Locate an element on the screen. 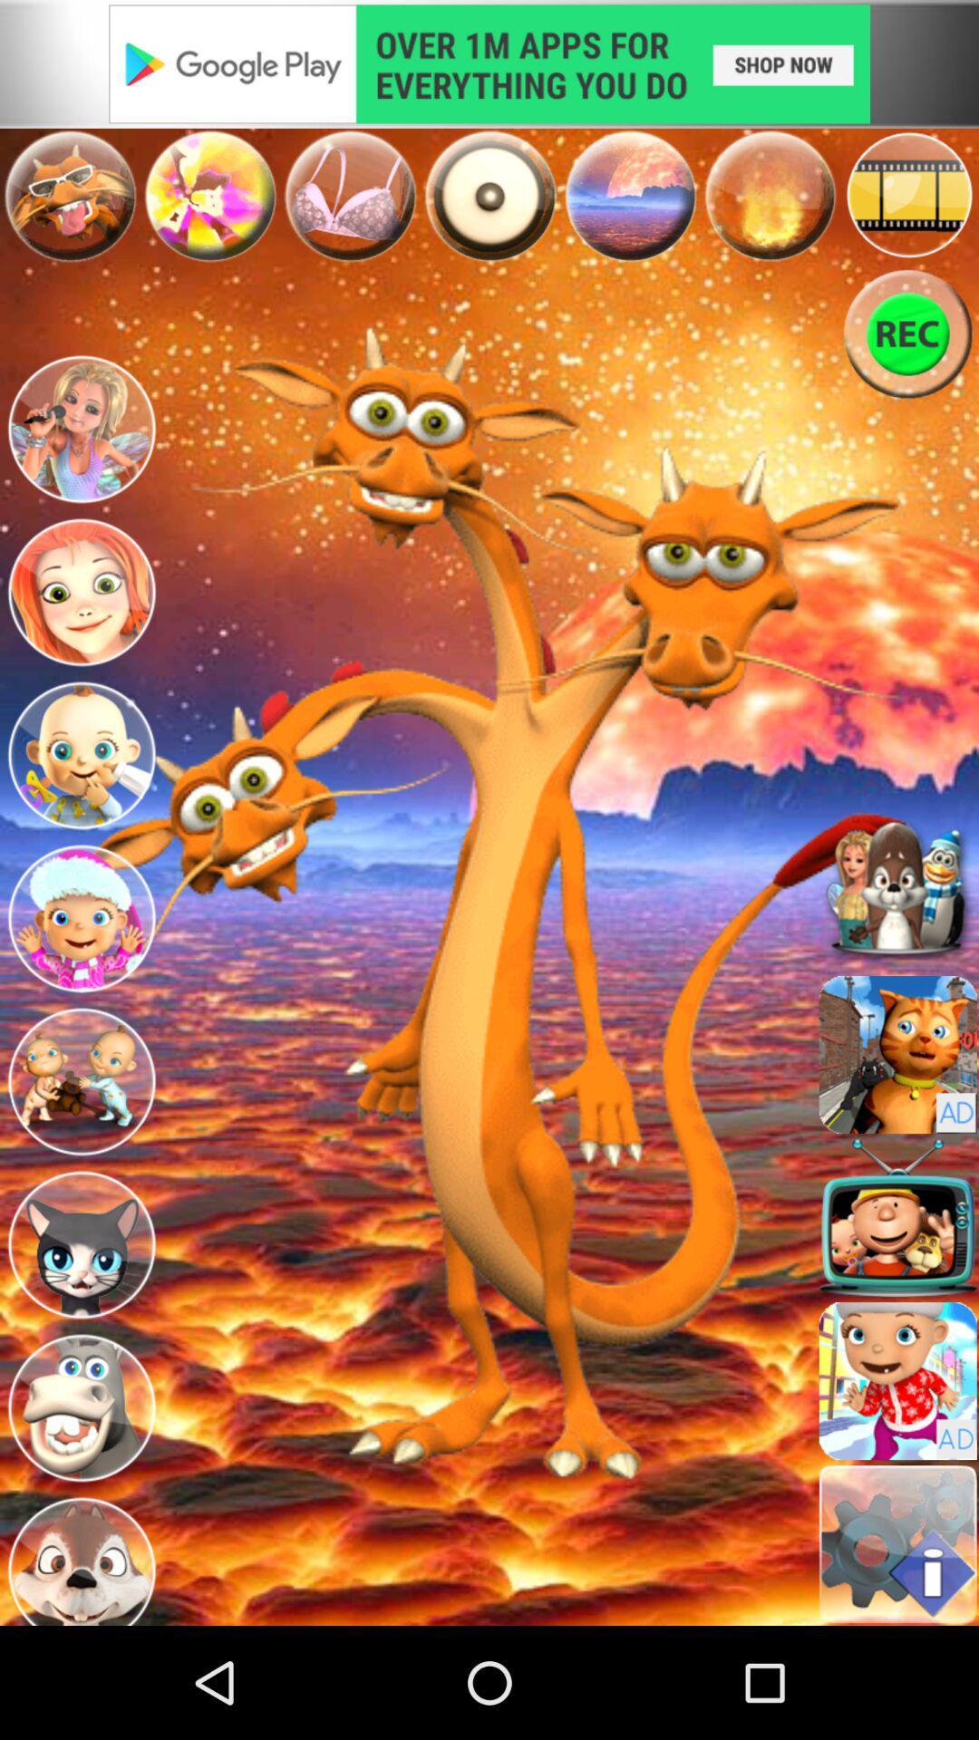  poto is located at coordinates (208, 196).